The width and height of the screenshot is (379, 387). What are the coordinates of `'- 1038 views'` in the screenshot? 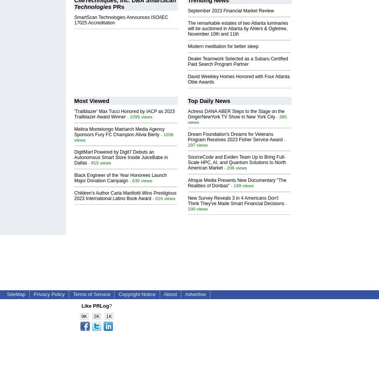 It's located at (74, 136).